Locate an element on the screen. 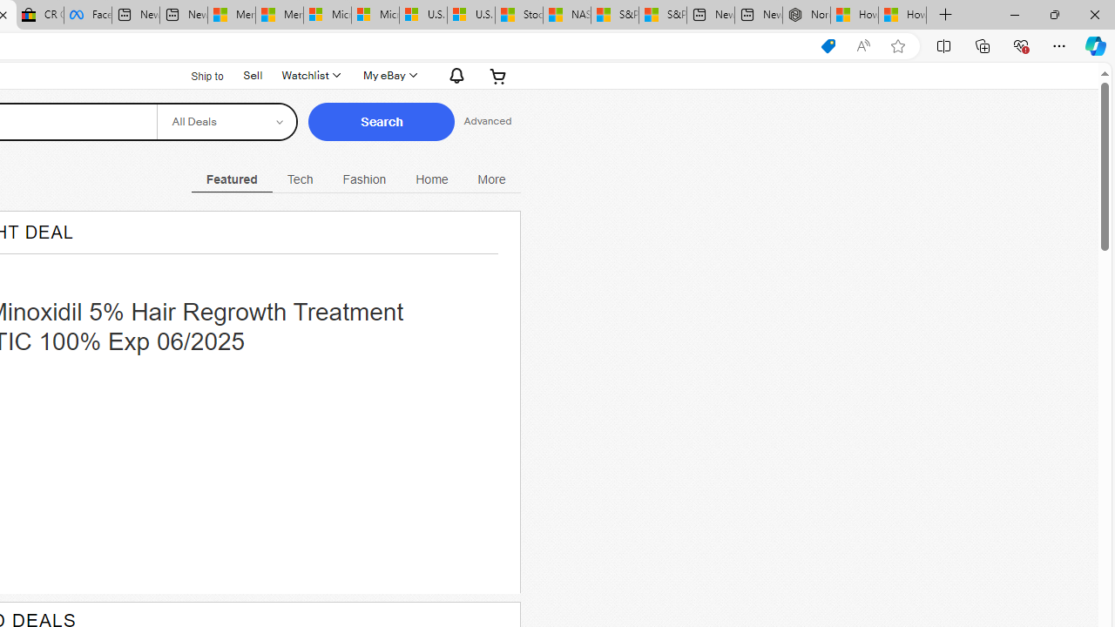  'Advanced Search' is located at coordinates (488, 121).